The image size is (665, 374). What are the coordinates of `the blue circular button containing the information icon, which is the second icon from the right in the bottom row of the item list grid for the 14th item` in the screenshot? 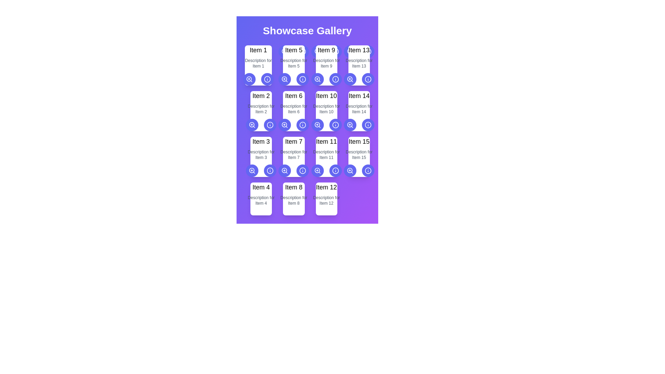 It's located at (367, 125).